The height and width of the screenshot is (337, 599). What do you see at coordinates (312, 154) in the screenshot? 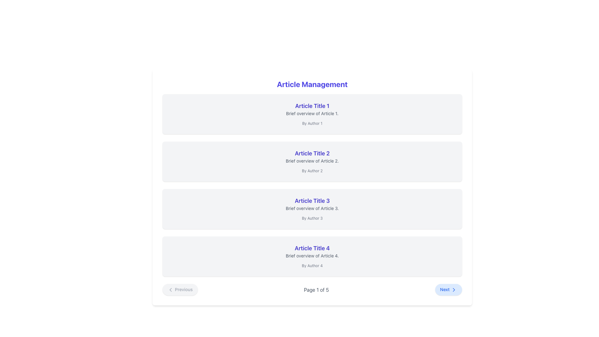
I see `the header text label 'Article Title 2' which is prominently styled with a large, bold, indigo font within a card-like section` at bounding box center [312, 154].